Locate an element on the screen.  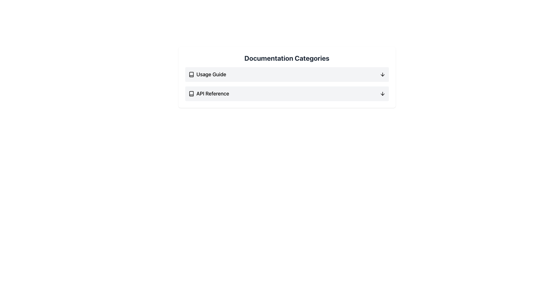
the arrow icon located on the far right side of the 'API Reference' menu item is located at coordinates (382, 93).